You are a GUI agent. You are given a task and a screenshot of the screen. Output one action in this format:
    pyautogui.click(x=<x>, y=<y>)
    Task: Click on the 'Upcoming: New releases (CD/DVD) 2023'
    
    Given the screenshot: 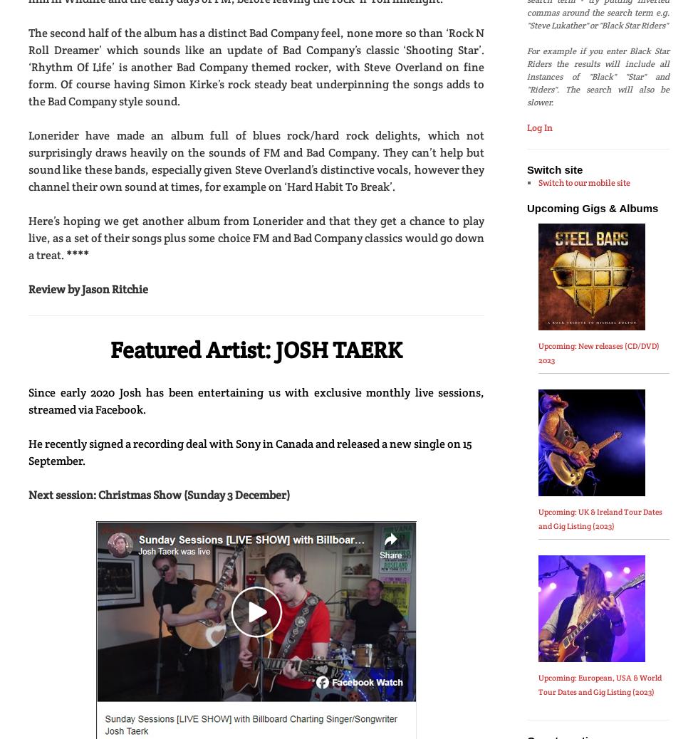 What is the action you would take?
    pyautogui.click(x=598, y=352)
    